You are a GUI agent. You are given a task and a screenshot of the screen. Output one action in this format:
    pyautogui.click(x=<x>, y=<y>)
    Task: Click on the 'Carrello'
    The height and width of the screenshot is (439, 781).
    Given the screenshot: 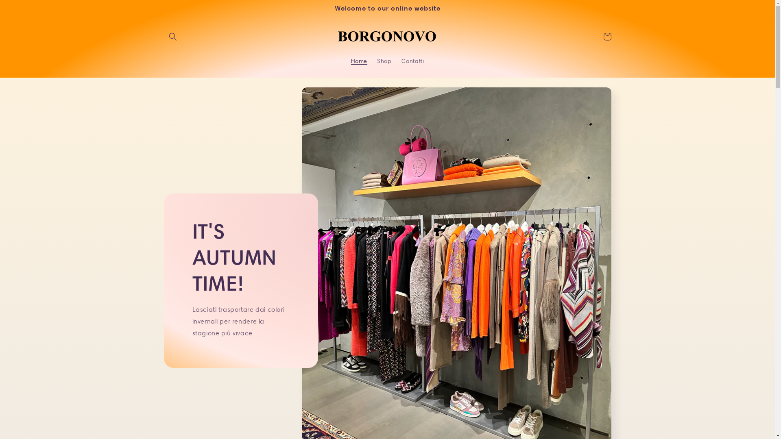 What is the action you would take?
    pyautogui.click(x=607, y=36)
    